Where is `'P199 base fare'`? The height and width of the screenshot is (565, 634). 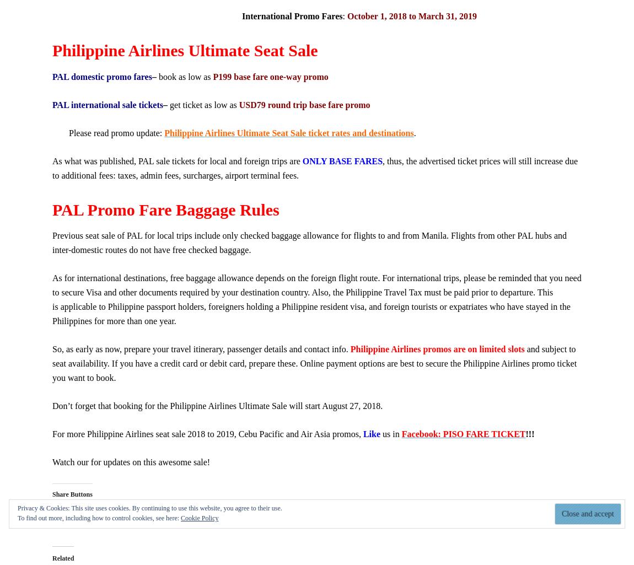
'P199 base fare' is located at coordinates (213, 76).